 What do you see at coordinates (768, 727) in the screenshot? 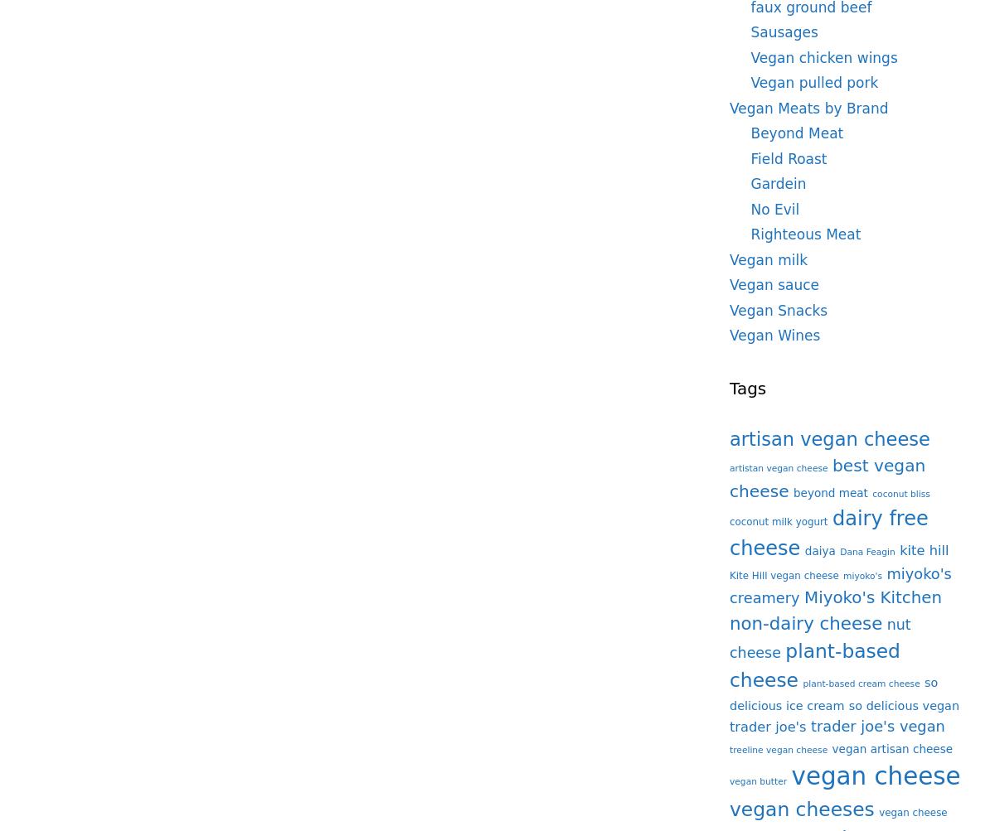
I see `'trader joe's'` at bounding box center [768, 727].